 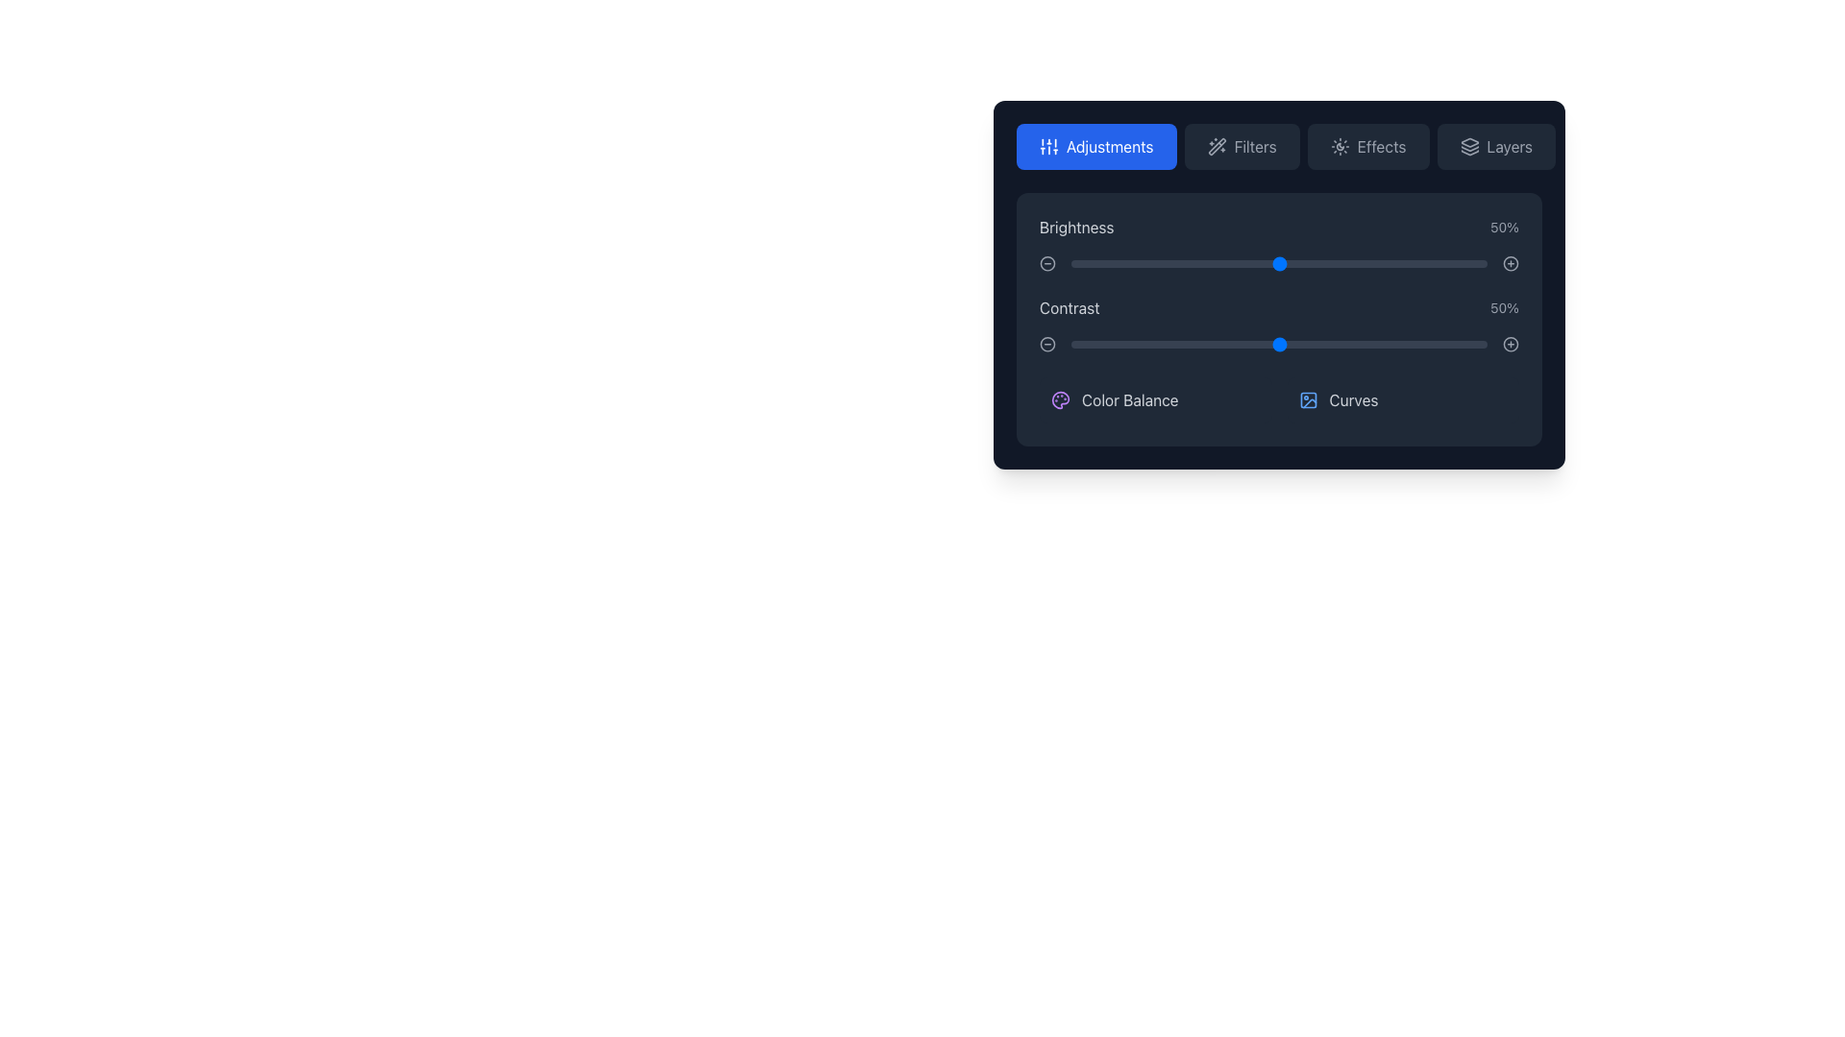 I want to click on the 'Layers' button, which is a rectangular button with a grayscale color scheme and an icon of stacked layers, so click(x=1495, y=146).